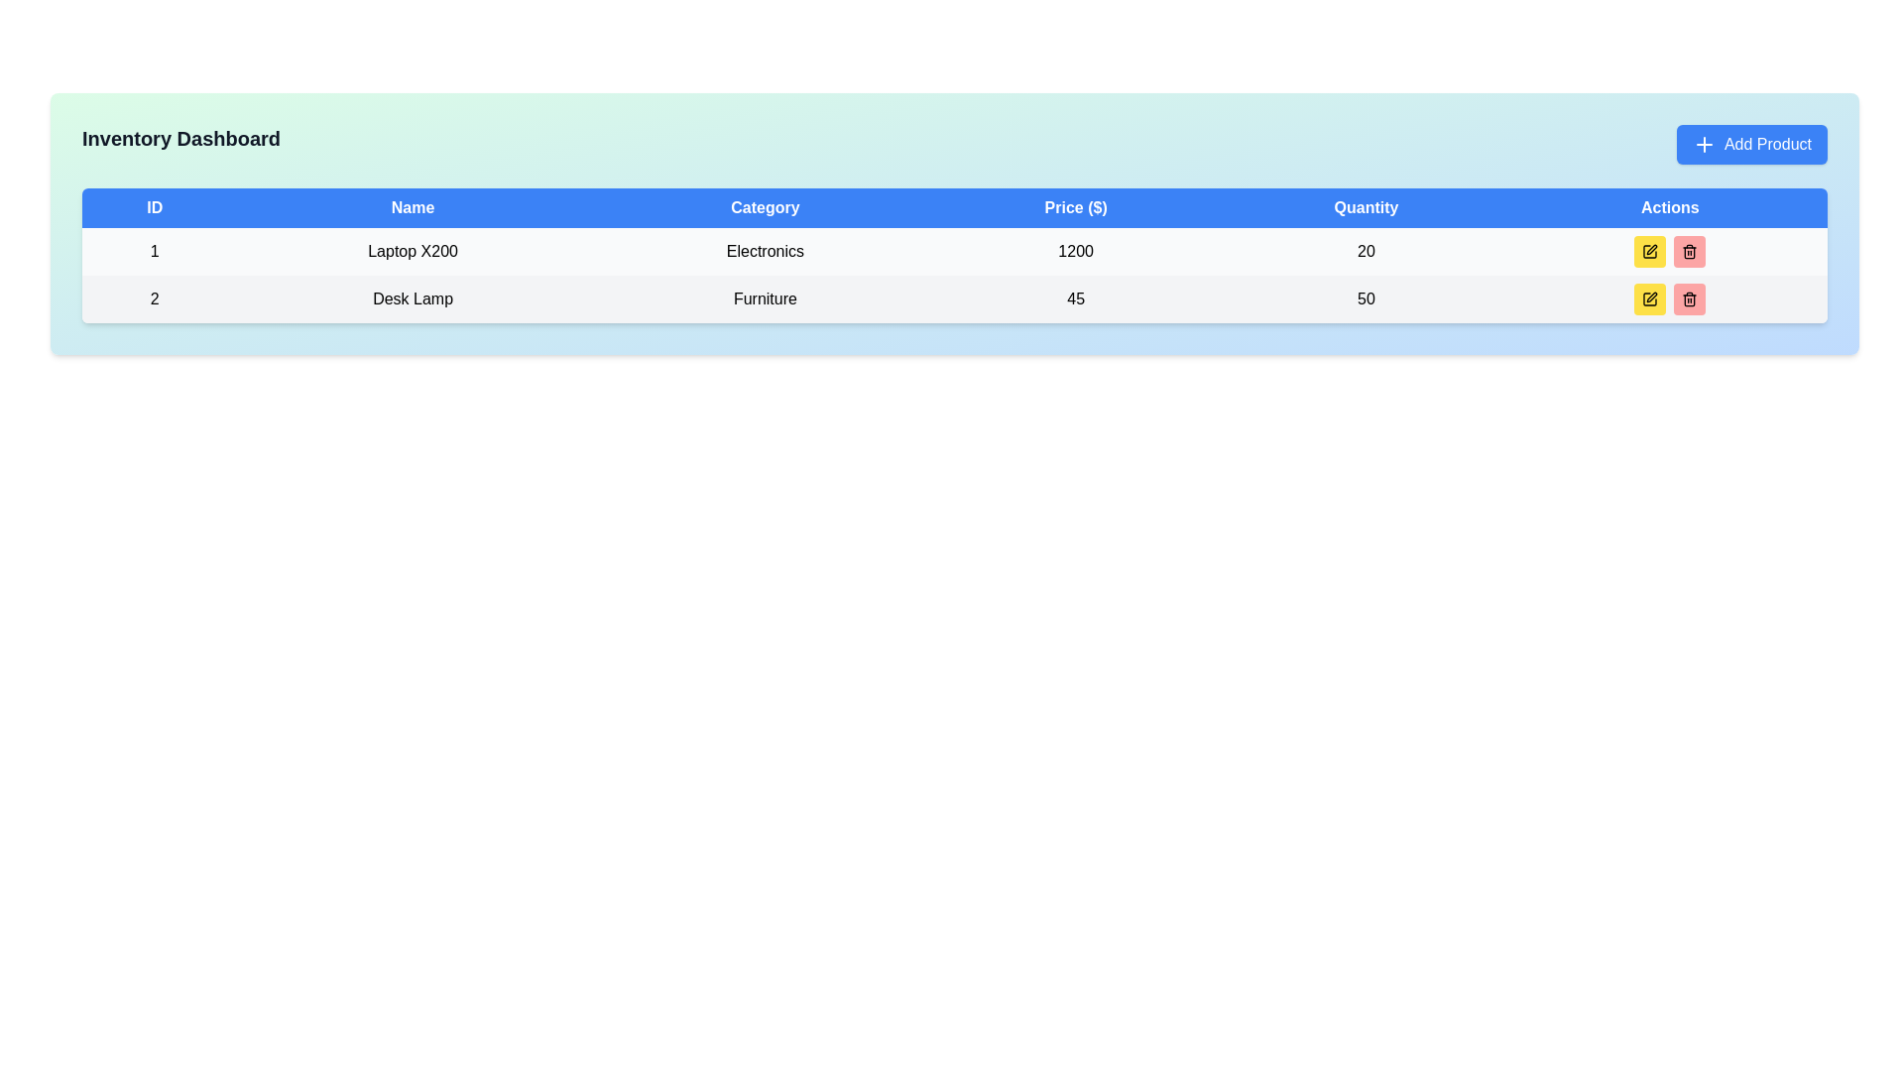 Image resolution: width=1904 pixels, height=1071 pixels. I want to click on the 'Actions' label, which is a rectangular button-like component with a blue background and white text, located in the rightmost column of the header row in a table, so click(1669, 207).